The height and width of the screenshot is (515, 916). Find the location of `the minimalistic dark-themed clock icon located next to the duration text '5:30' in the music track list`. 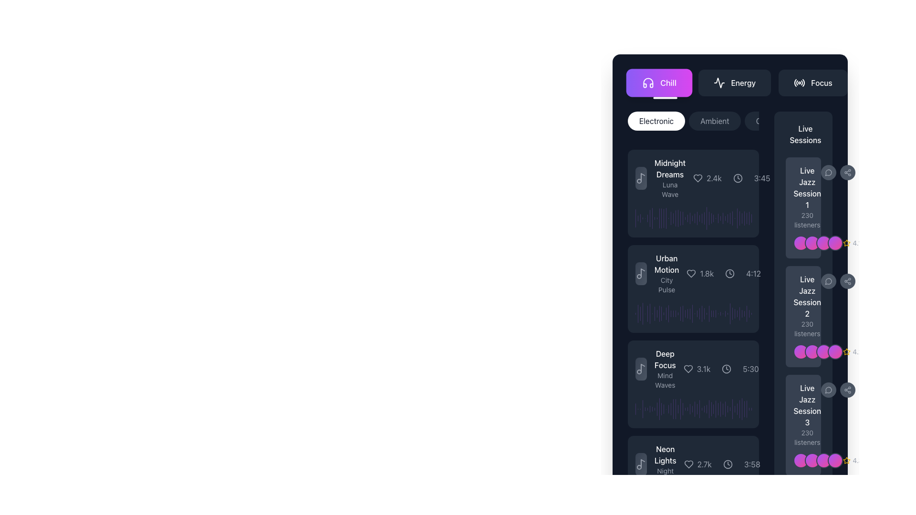

the minimalistic dark-themed clock icon located next to the duration text '5:30' in the music track list is located at coordinates (726, 369).